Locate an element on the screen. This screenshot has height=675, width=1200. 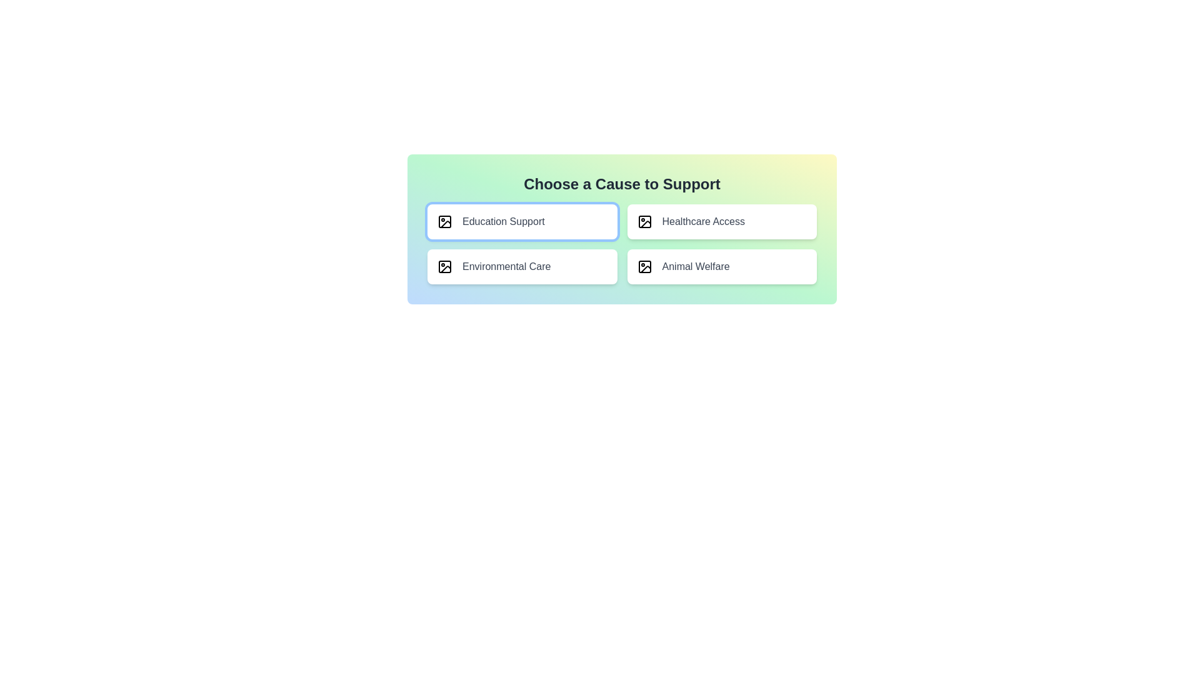
the 'Education Support' option selection item, which is the first option in the top row of a grid, contained within a card-like element with a white background and rounded corners is located at coordinates (490, 221).